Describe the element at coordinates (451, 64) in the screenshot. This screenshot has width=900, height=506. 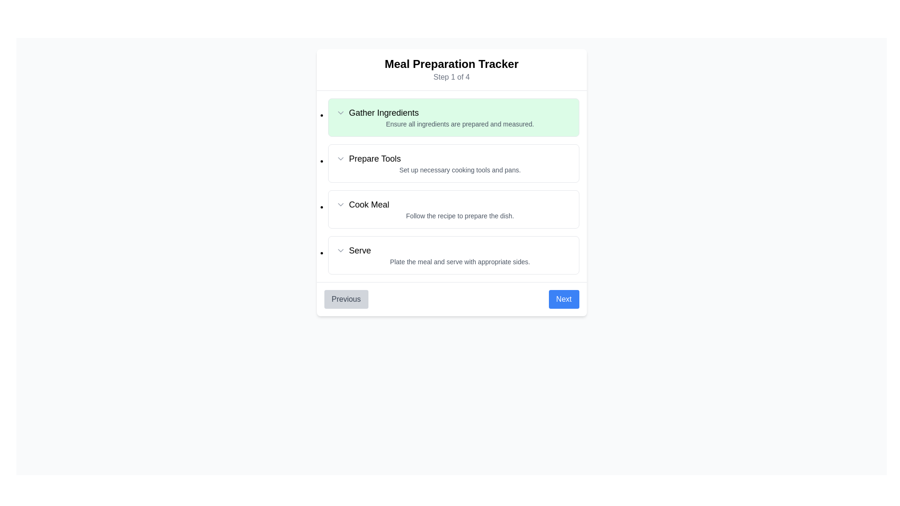
I see `the static text element which serves as the title or heading for the page, positioned horizontally centered at the top of the interface` at that location.